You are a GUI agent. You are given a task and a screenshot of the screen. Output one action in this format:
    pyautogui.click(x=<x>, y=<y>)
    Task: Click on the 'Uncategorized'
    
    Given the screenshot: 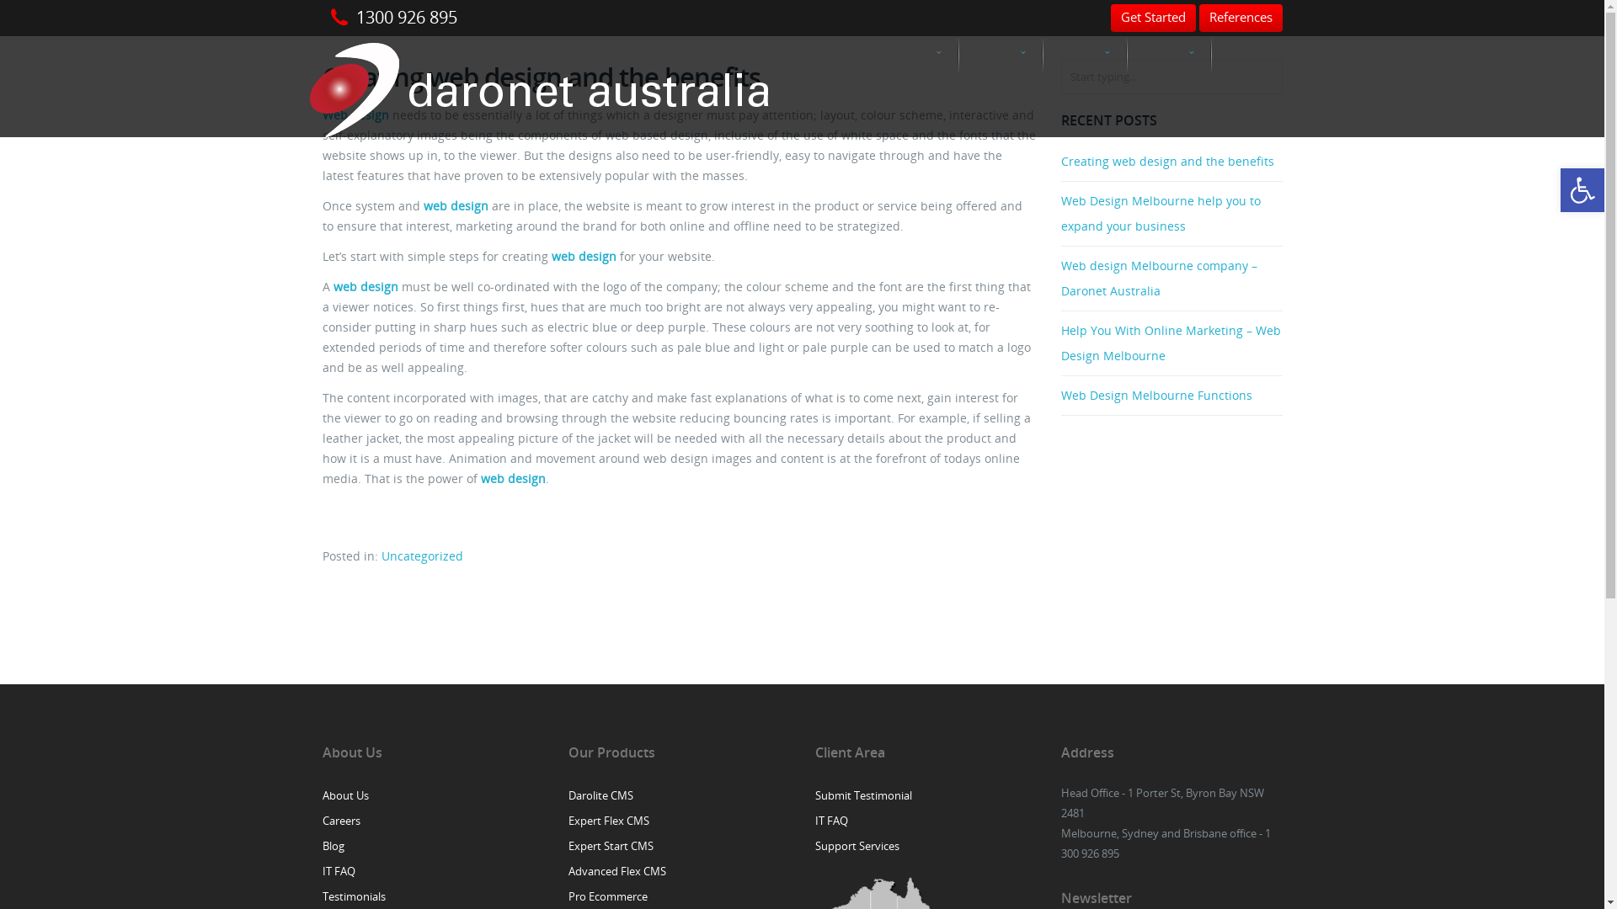 What is the action you would take?
    pyautogui.click(x=421, y=555)
    